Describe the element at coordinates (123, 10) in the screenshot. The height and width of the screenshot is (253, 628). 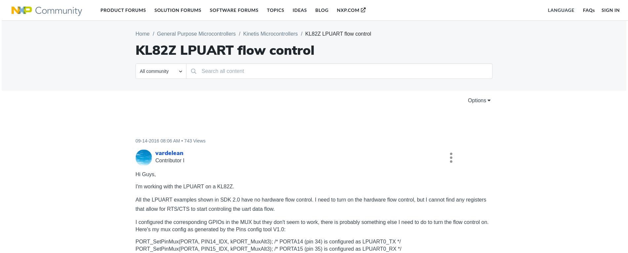
I see `'Product Forums'` at that location.